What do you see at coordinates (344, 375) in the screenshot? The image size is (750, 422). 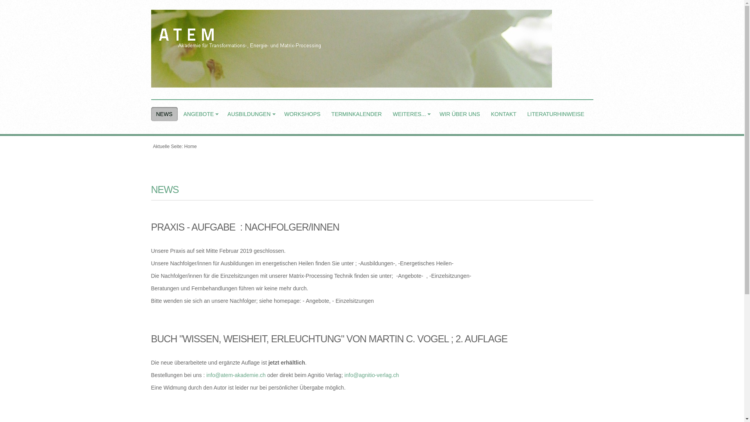 I see `'info@agnitio-verlag.ch'` at bounding box center [344, 375].